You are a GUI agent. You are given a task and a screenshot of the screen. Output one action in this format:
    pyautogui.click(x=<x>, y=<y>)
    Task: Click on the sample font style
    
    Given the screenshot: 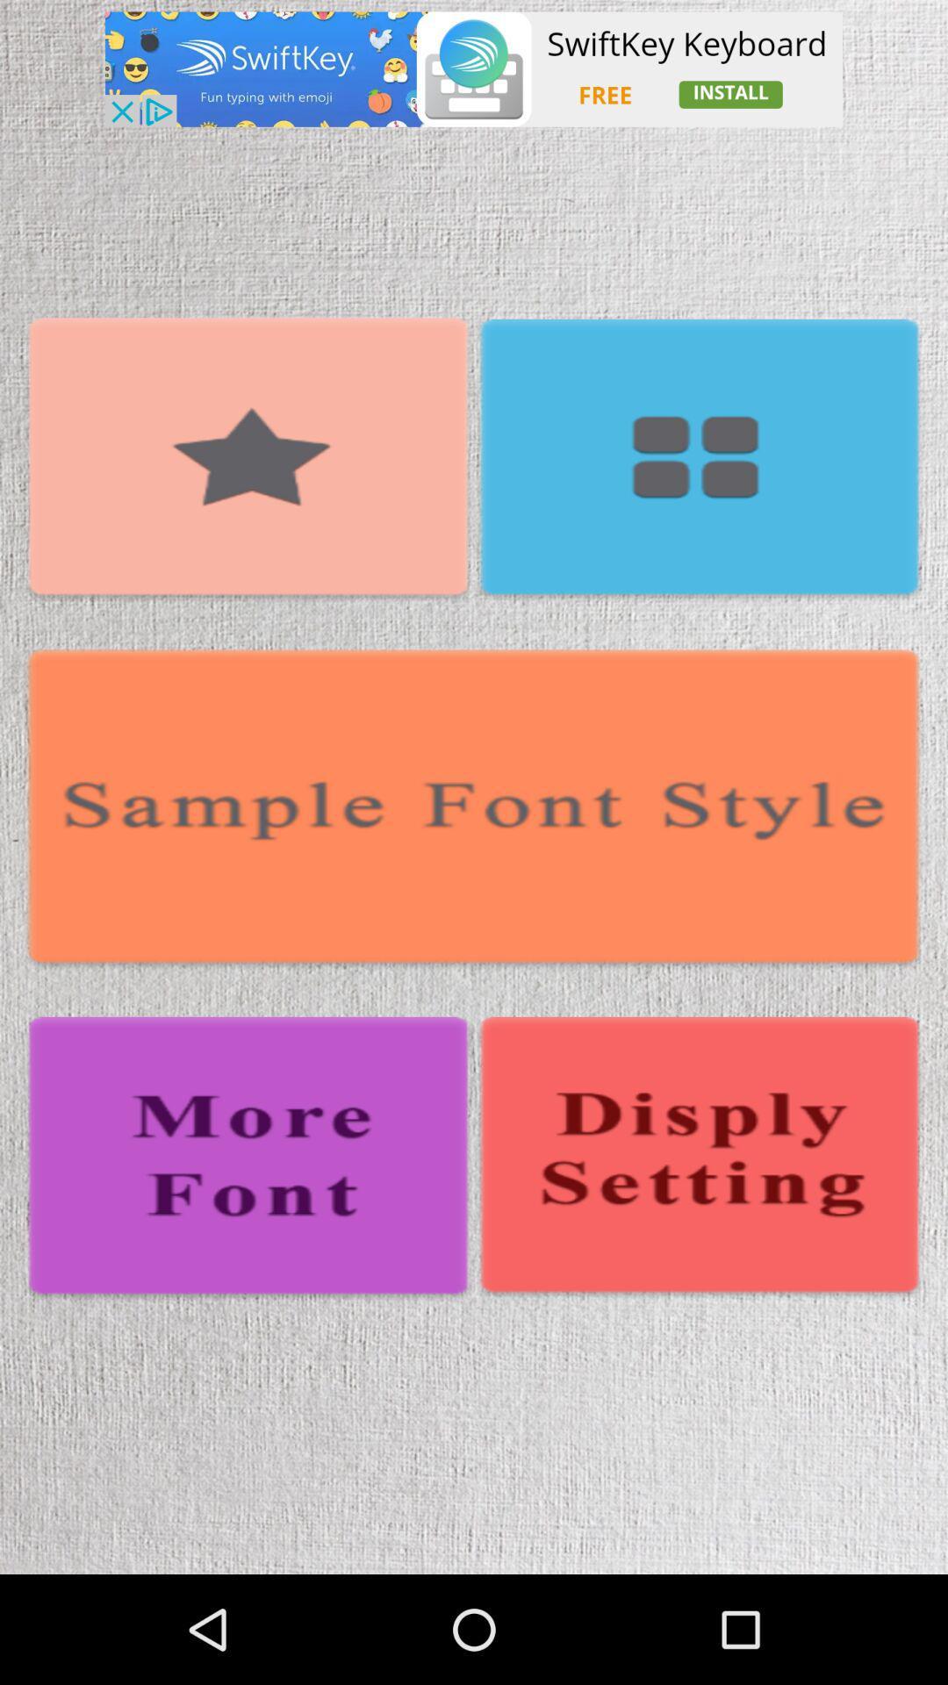 What is the action you would take?
    pyautogui.click(x=474, y=809)
    